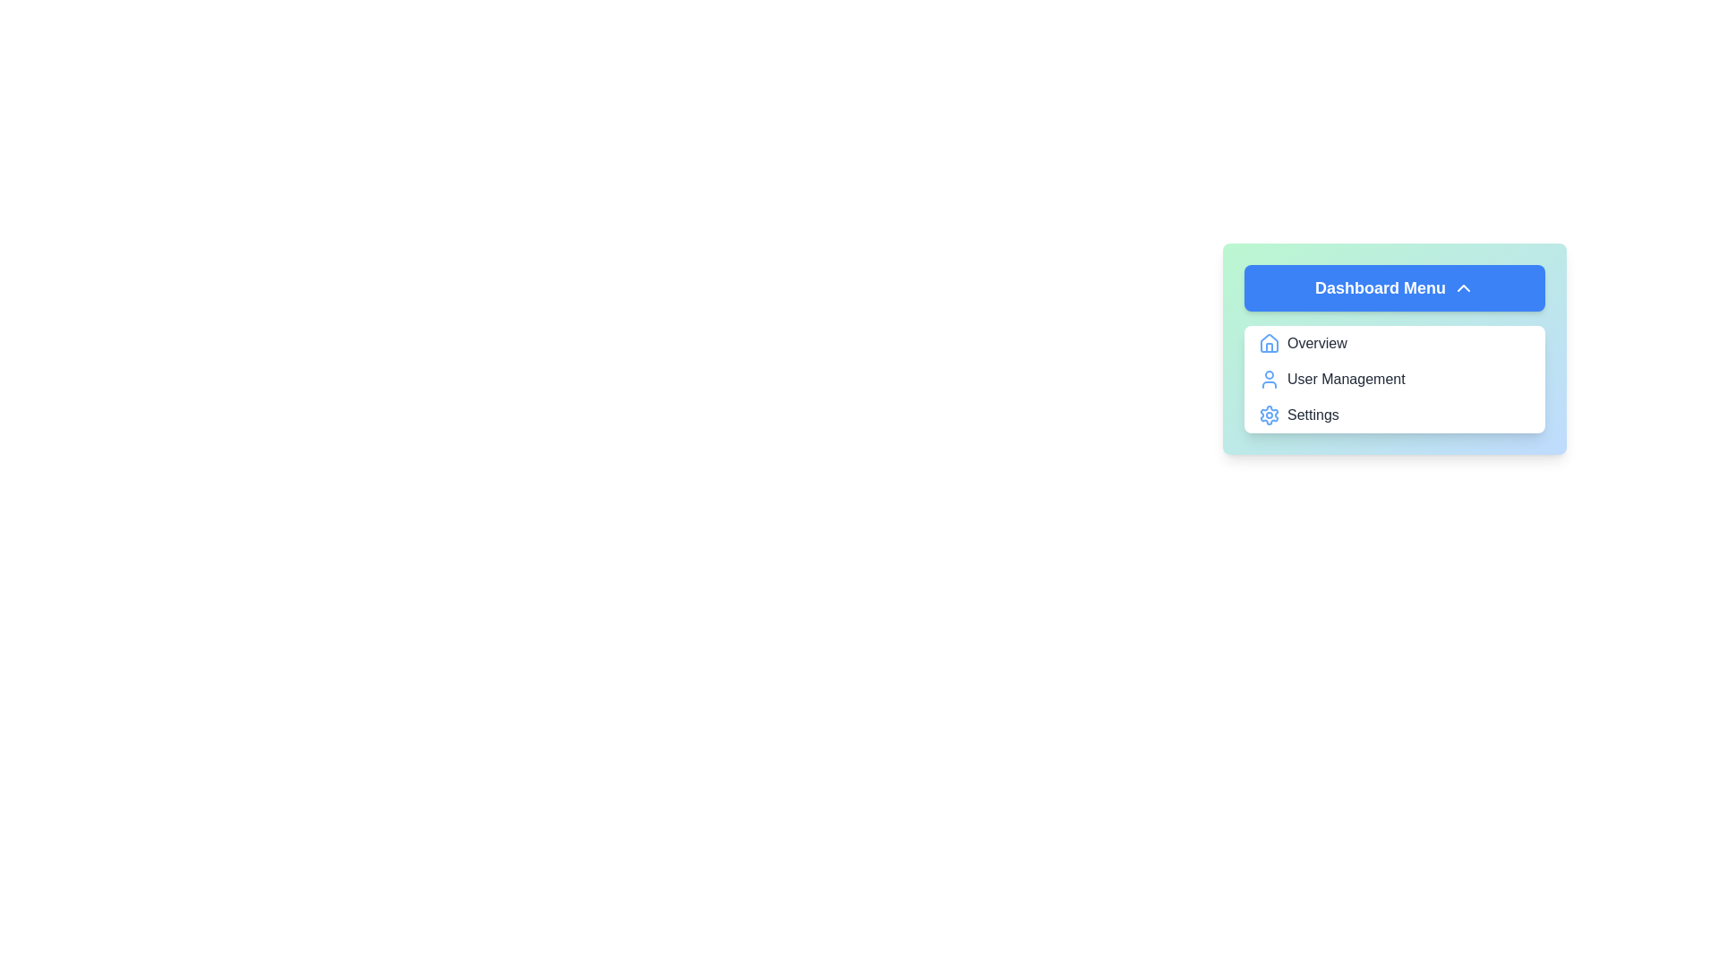  What do you see at coordinates (1268, 379) in the screenshot?
I see `the icon associated with User Management` at bounding box center [1268, 379].